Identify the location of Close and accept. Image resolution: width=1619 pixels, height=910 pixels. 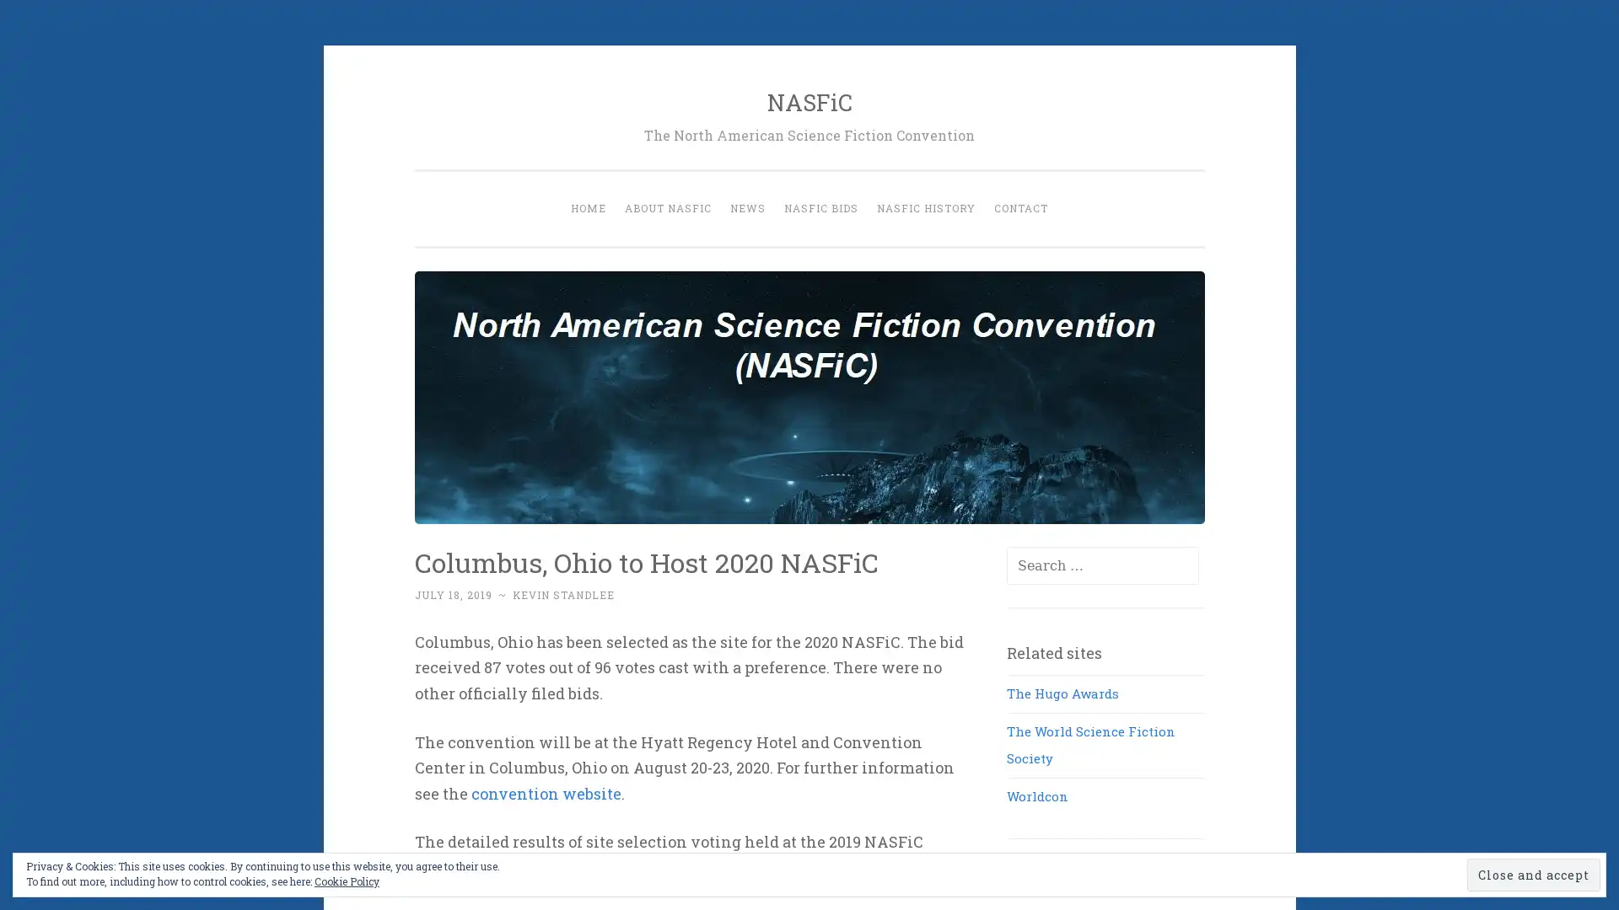
(1534, 874).